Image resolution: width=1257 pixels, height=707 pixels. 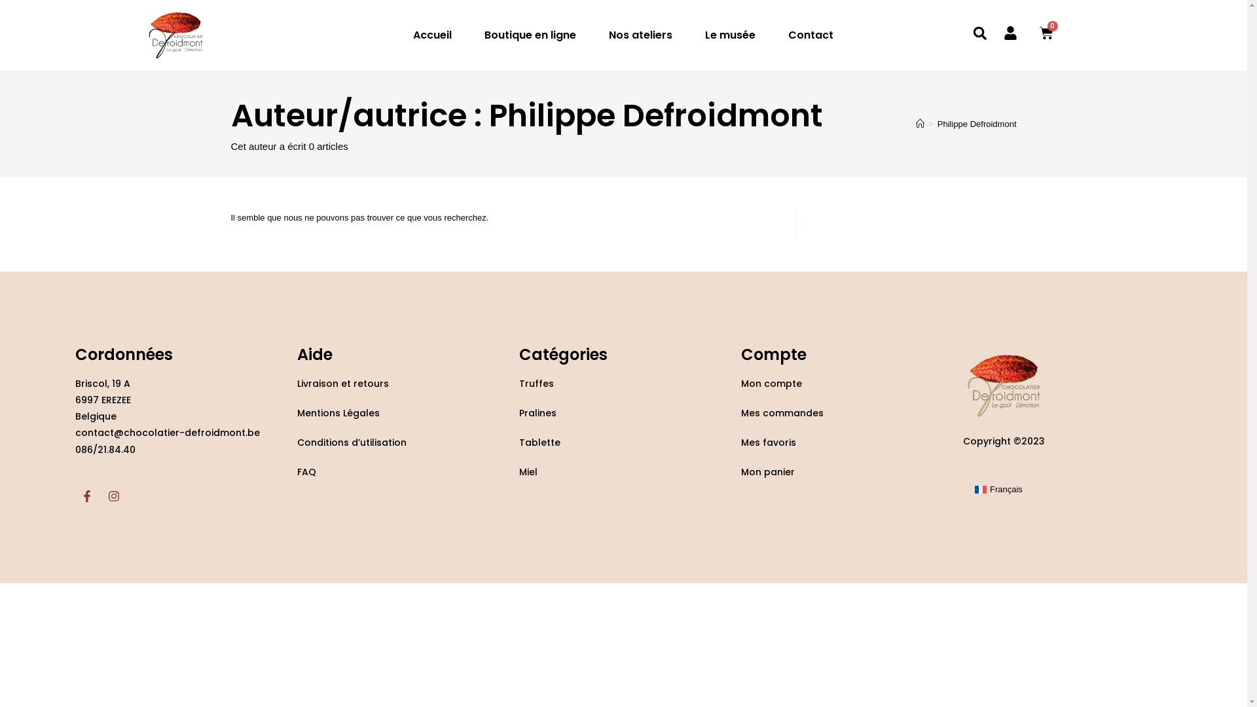 I want to click on 'Contact', so click(x=810, y=35).